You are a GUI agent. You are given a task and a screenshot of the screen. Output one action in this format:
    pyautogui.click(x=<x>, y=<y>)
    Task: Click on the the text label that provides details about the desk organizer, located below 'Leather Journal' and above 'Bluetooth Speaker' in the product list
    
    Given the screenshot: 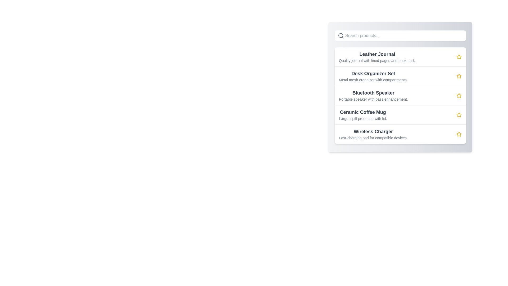 What is the action you would take?
    pyautogui.click(x=373, y=76)
    